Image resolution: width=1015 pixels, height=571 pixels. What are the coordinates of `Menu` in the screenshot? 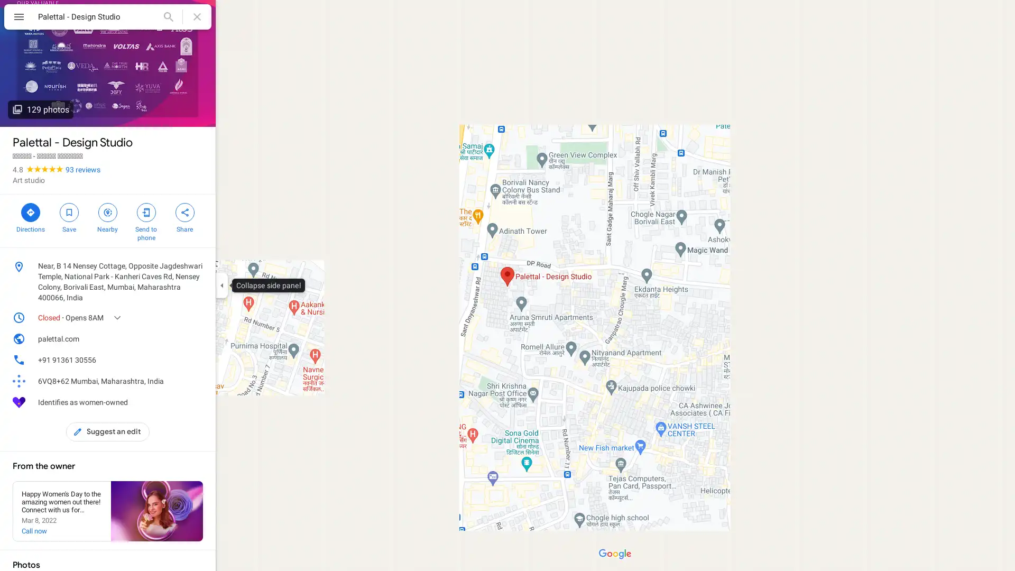 It's located at (19, 18).